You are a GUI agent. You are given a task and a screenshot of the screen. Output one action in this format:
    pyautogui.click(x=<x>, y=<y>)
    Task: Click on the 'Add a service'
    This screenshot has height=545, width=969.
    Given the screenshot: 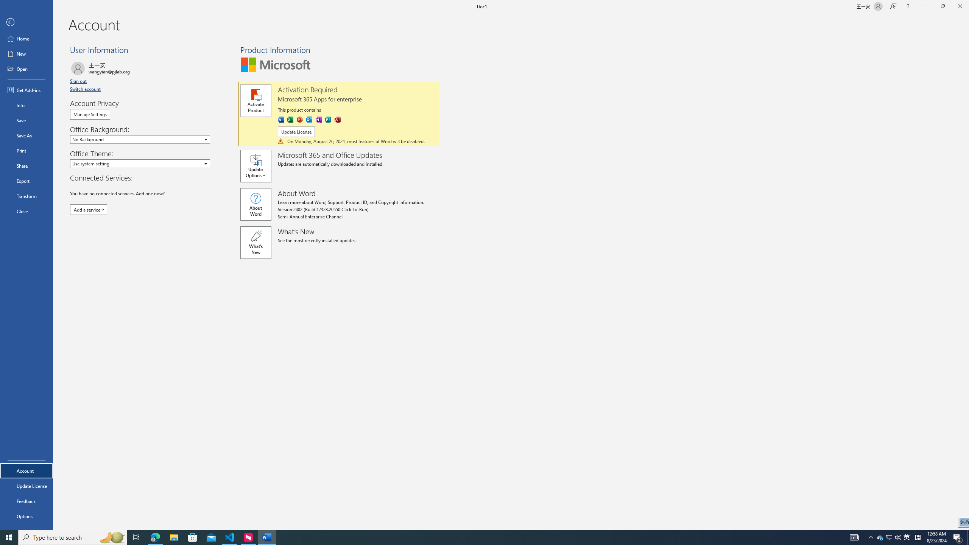 What is the action you would take?
    pyautogui.click(x=88, y=209)
    